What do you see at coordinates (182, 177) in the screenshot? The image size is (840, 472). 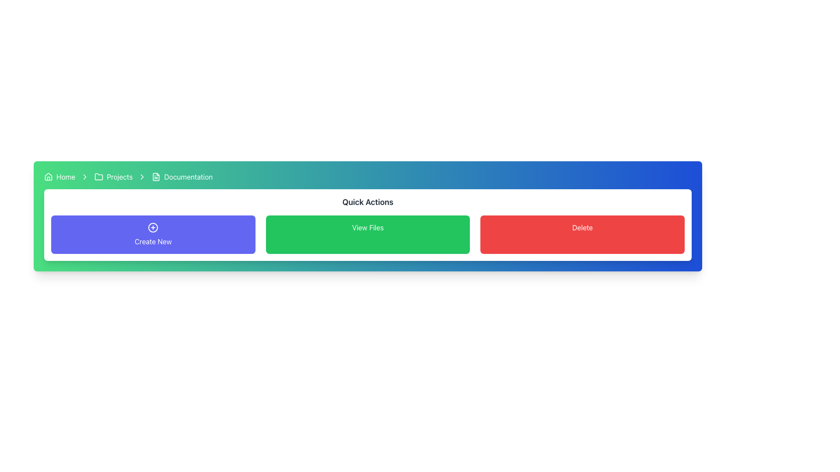 I see `the third breadcrumb item labeled 'Documentation'` at bounding box center [182, 177].